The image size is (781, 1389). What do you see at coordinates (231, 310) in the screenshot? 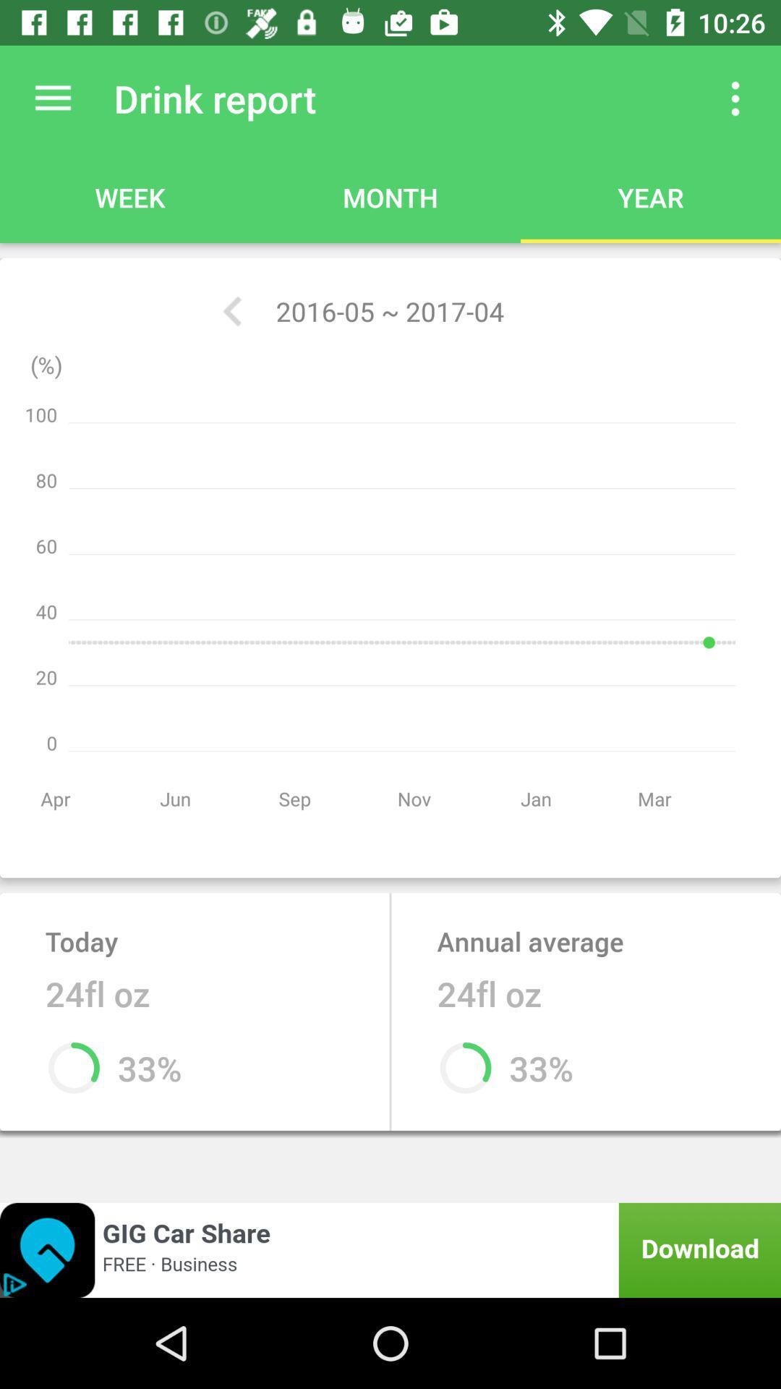
I see `the icon to the right of (%)` at bounding box center [231, 310].